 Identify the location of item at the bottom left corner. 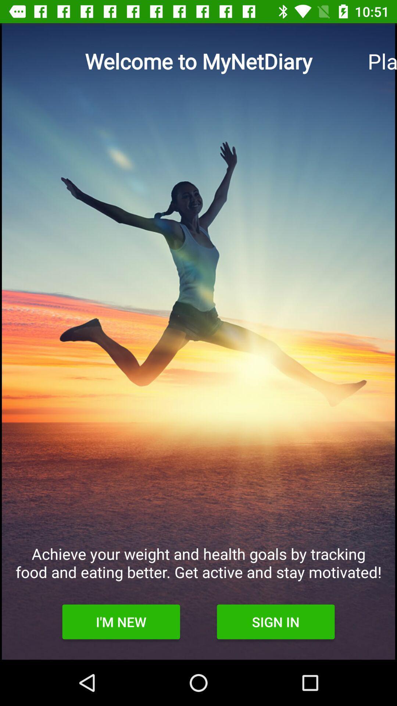
(121, 621).